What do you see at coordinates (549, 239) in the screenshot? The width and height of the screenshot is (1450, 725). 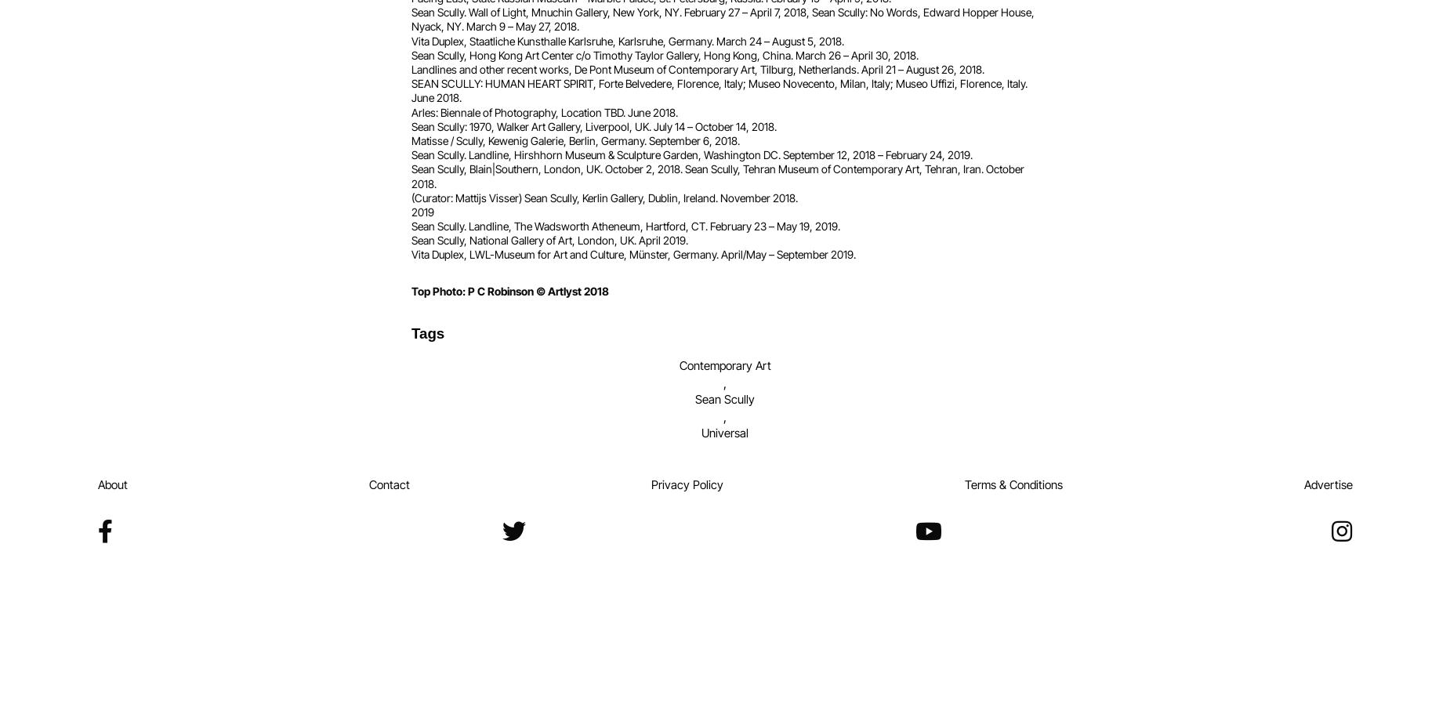 I see `'Sean Scully, National Gallery of Art, London, UK. April 2019.'` at bounding box center [549, 239].